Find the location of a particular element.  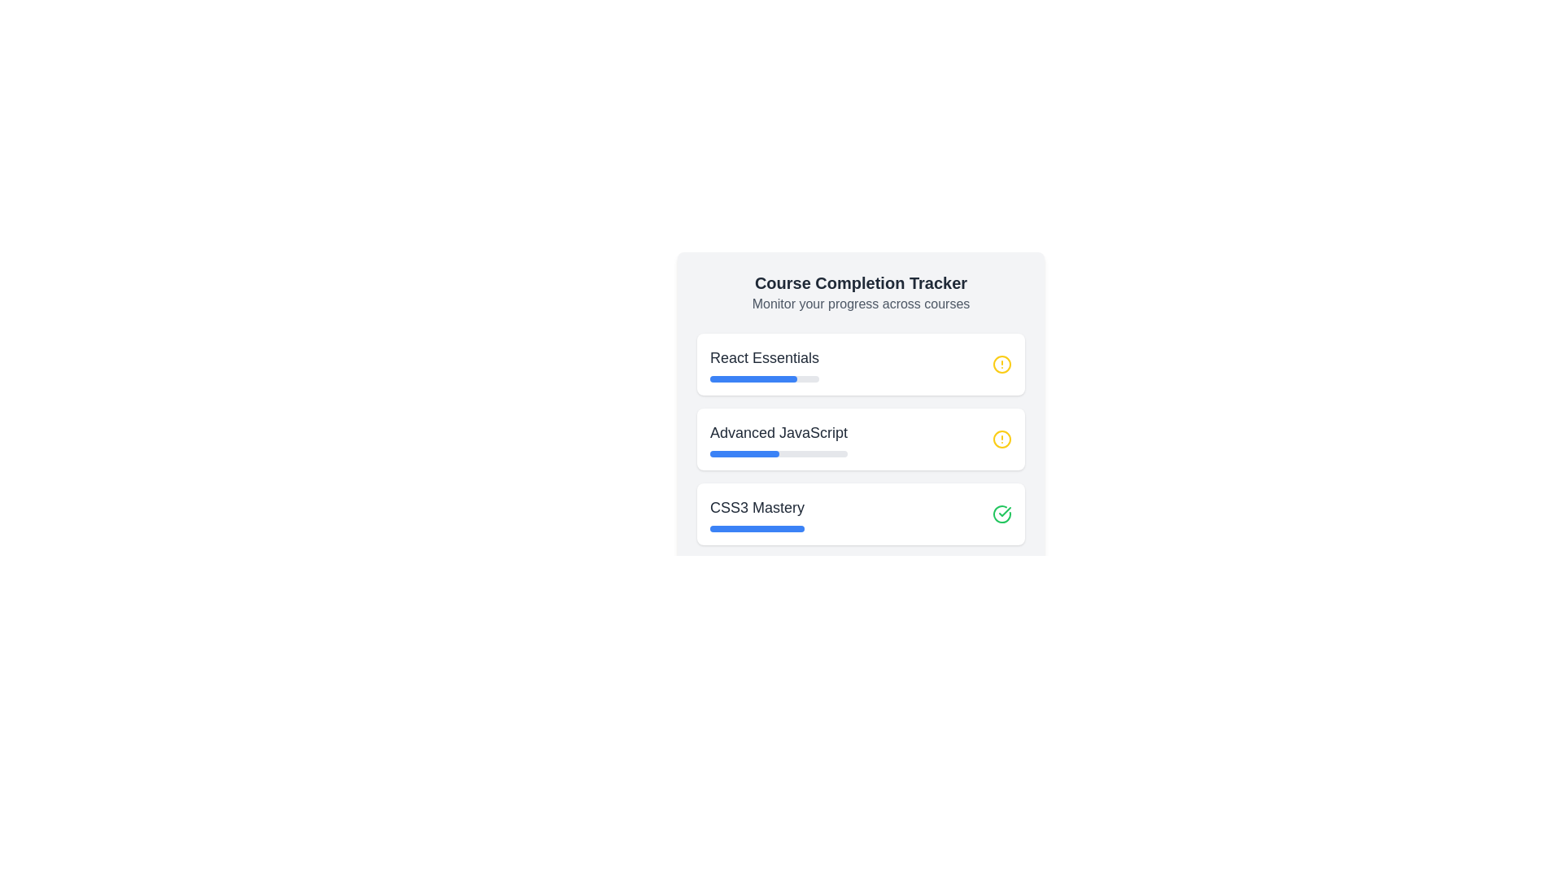

the 'React Essentials' text label, which is displayed in a large, bold font and is the topmost course title in a vertical list of courses is located at coordinates (764, 356).